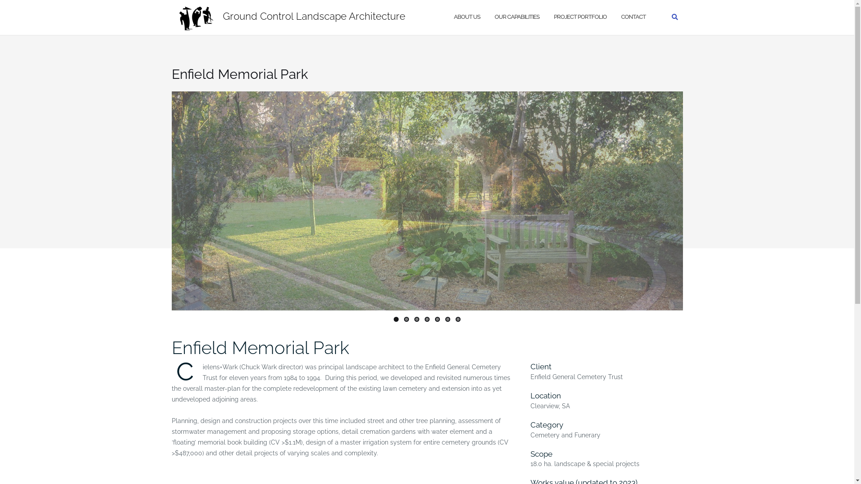 The height and width of the screenshot is (484, 861). I want to click on '6', so click(448, 319).